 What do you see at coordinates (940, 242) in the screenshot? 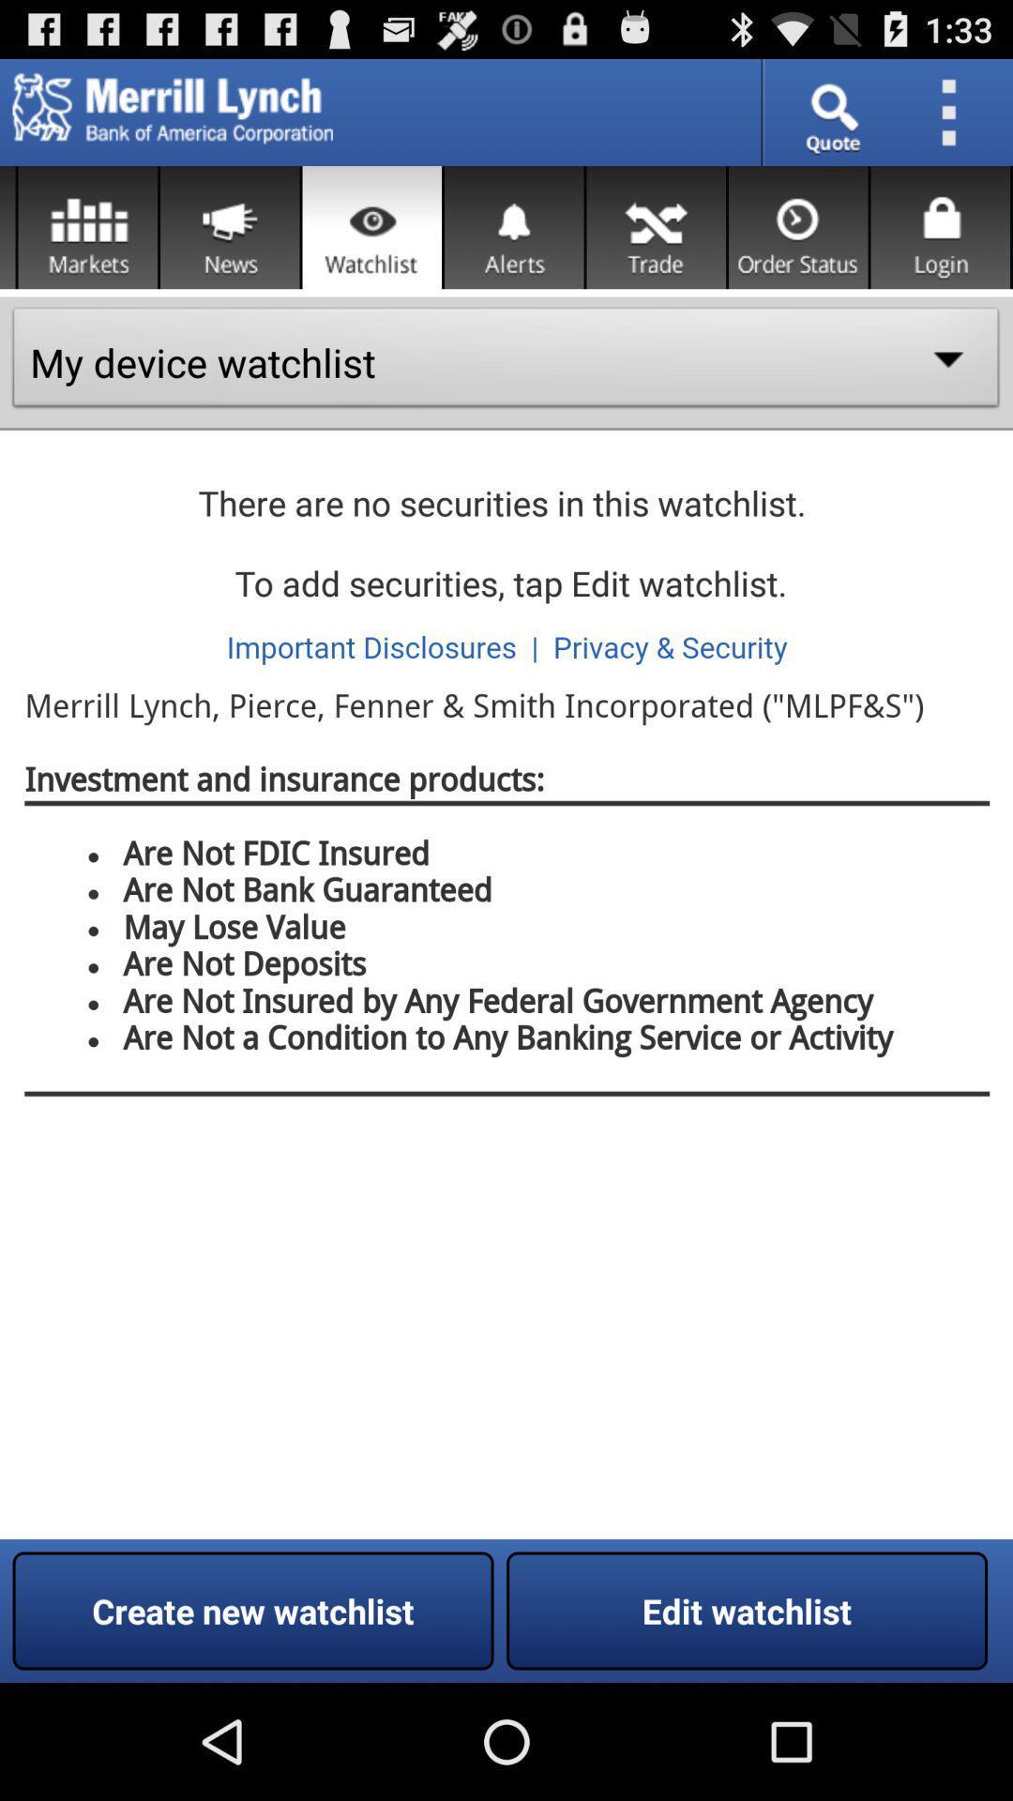
I see `the lock icon` at bounding box center [940, 242].